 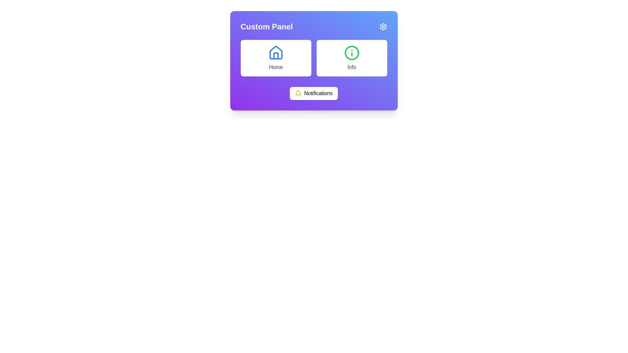 What do you see at coordinates (313, 93) in the screenshot?
I see `the rectangular button labeled 'Notifications' with a yellow bell icon` at bounding box center [313, 93].